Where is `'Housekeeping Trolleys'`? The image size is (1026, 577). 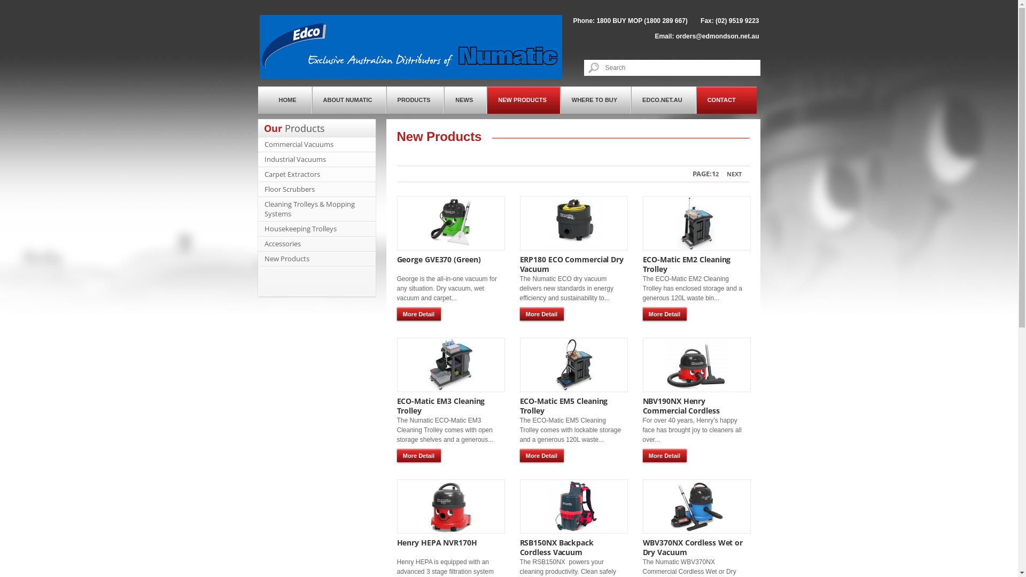 'Housekeeping Trolleys' is located at coordinates (264, 228).